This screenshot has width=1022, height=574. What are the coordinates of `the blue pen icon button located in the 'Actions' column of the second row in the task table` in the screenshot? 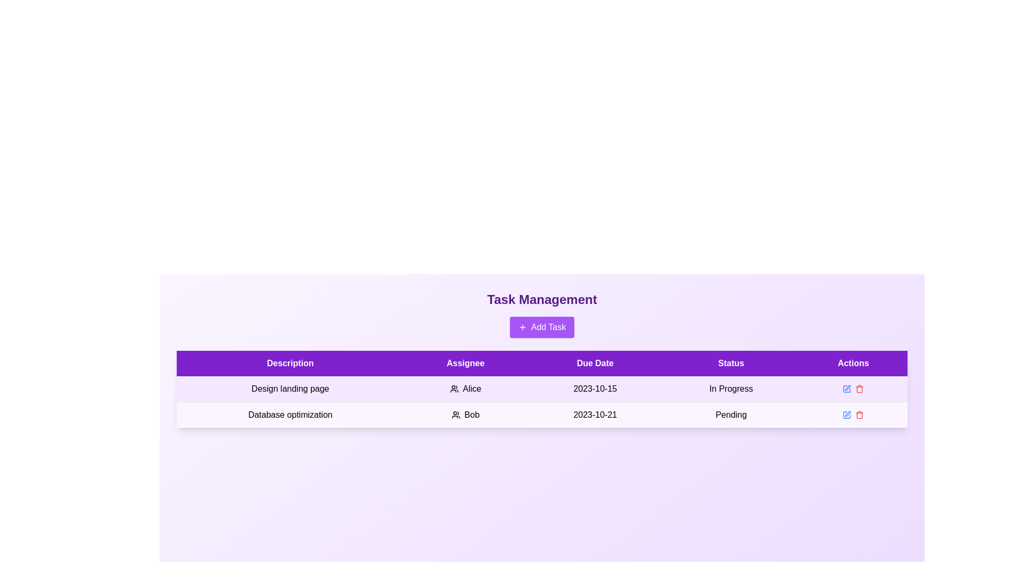 It's located at (846, 389).